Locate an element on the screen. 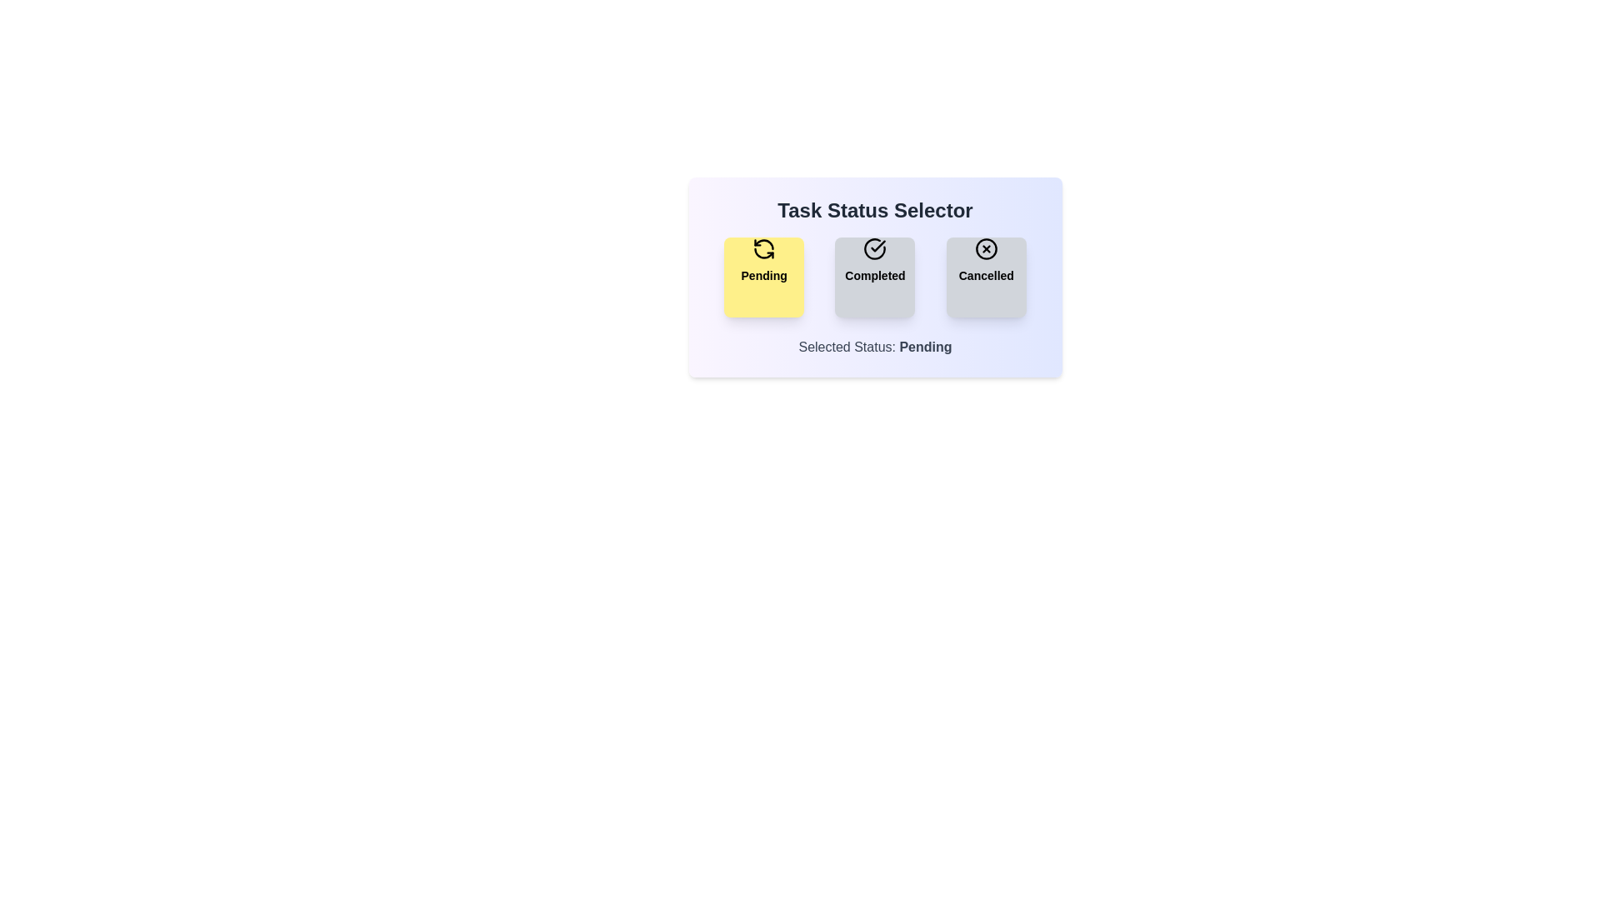 The height and width of the screenshot is (900, 1600). the Cancelled button to observe its hover effect is located at coordinates (986, 276).